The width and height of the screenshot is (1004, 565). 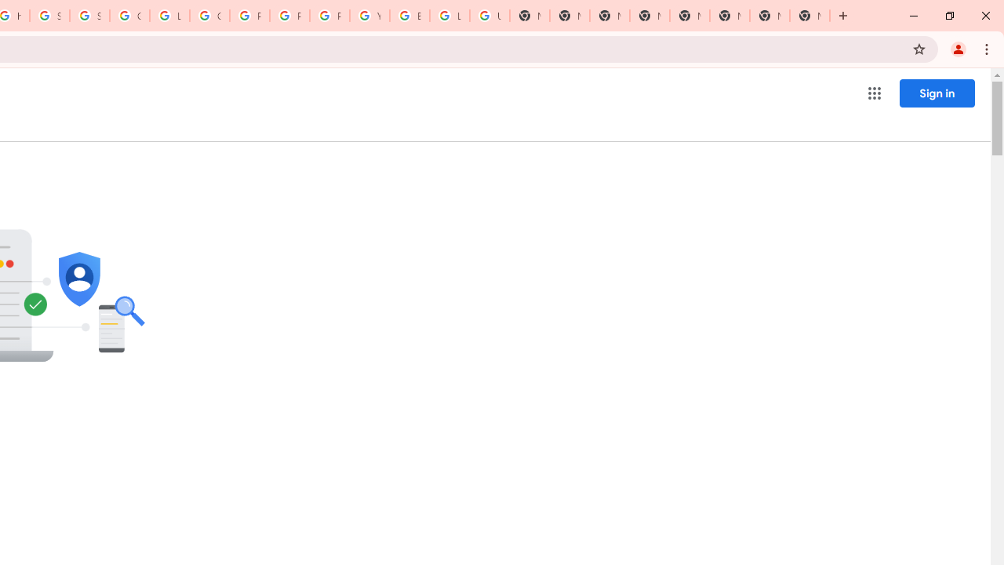 I want to click on 'New Tab', so click(x=809, y=16).